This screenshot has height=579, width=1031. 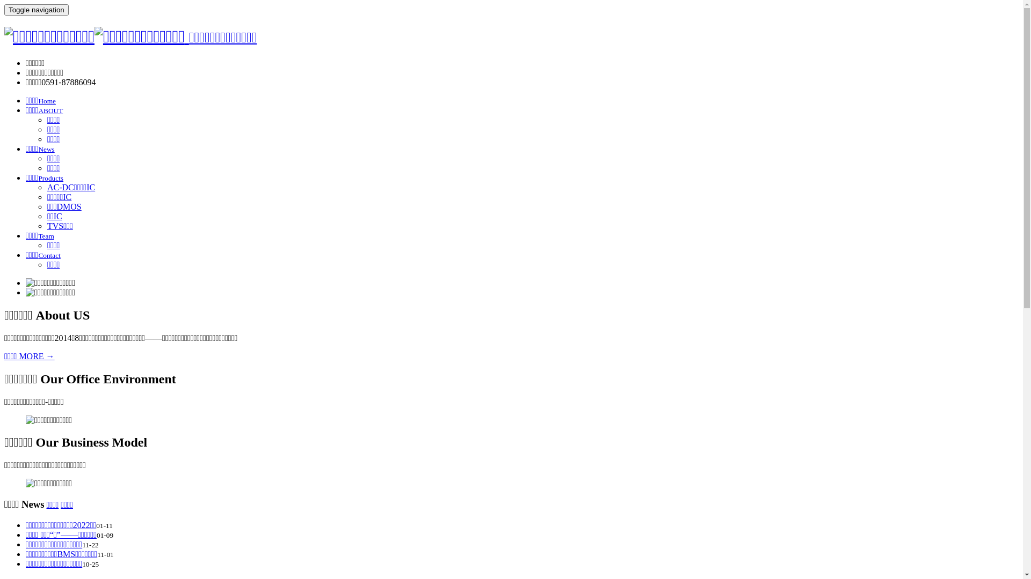 What do you see at coordinates (36, 10) in the screenshot?
I see `'Toggle navigation'` at bounding box center [36, 10].